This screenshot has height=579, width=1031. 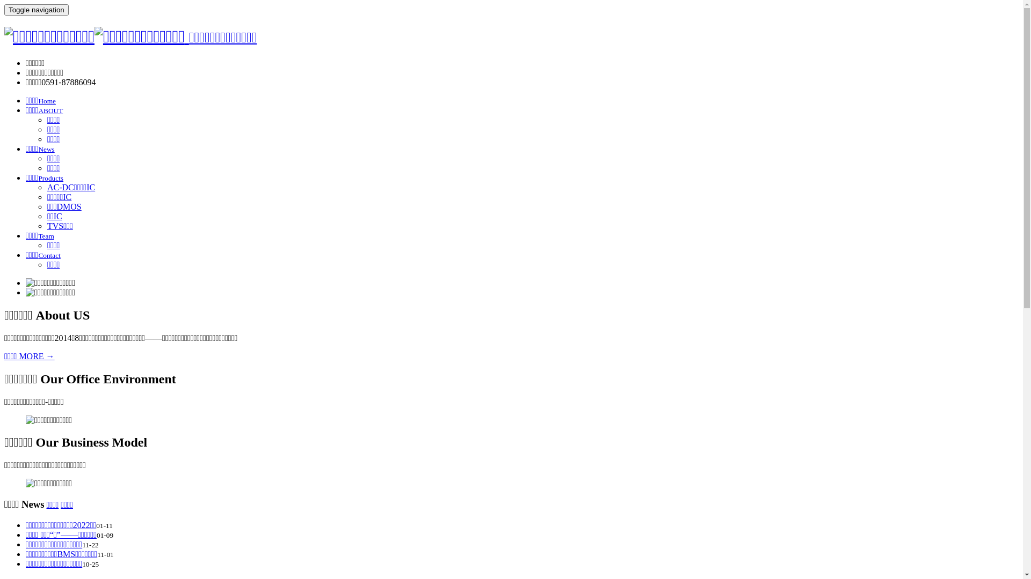 What do you see at coordinates (36, 10) in the screenshot?
I see `'Toggle navigation'` at bounding box center [36, 10].